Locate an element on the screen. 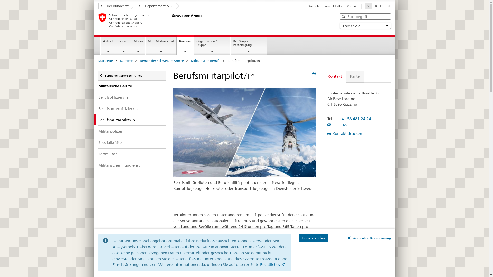 The width and height of the screenshot is (493, 277). 'Departement: VBS' is located at coordinates (153, 6).